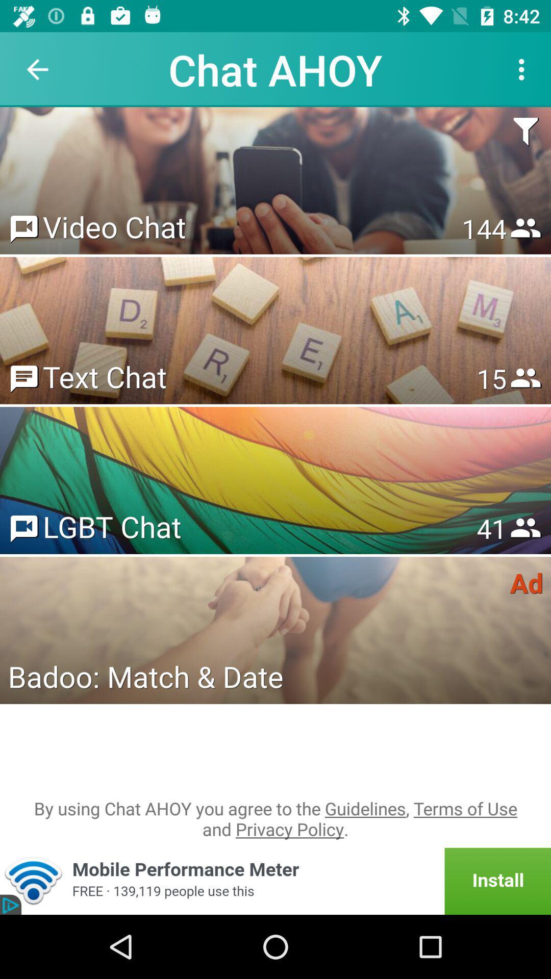  What do you see at coordinates (524, 69) in the screenshot?
I see `icon next to the chat ahoy item` at bounding box center [524, 69].